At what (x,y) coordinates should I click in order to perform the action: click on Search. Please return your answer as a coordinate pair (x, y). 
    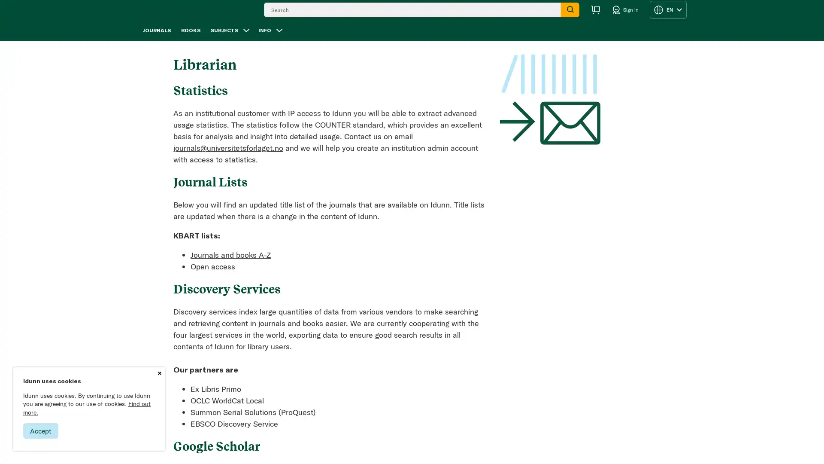
    Looking at the image, I should click on (570, 15).